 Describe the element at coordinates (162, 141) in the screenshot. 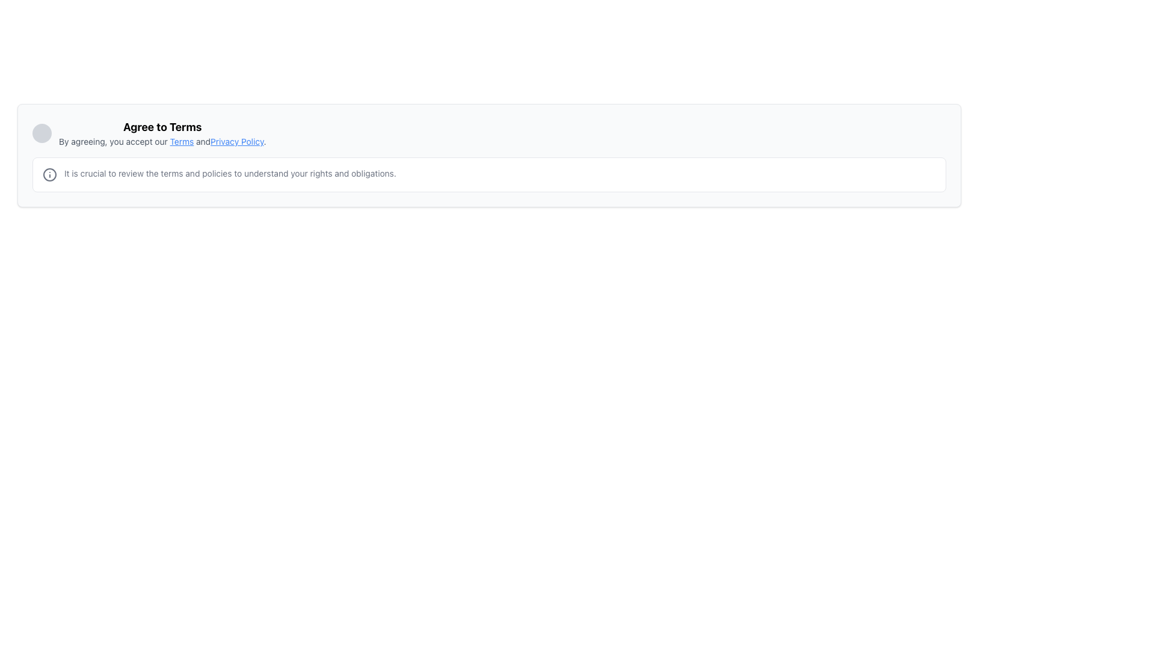

I see `the hyperlinks in the text component below the title 'Agree to Terms'` at that location.